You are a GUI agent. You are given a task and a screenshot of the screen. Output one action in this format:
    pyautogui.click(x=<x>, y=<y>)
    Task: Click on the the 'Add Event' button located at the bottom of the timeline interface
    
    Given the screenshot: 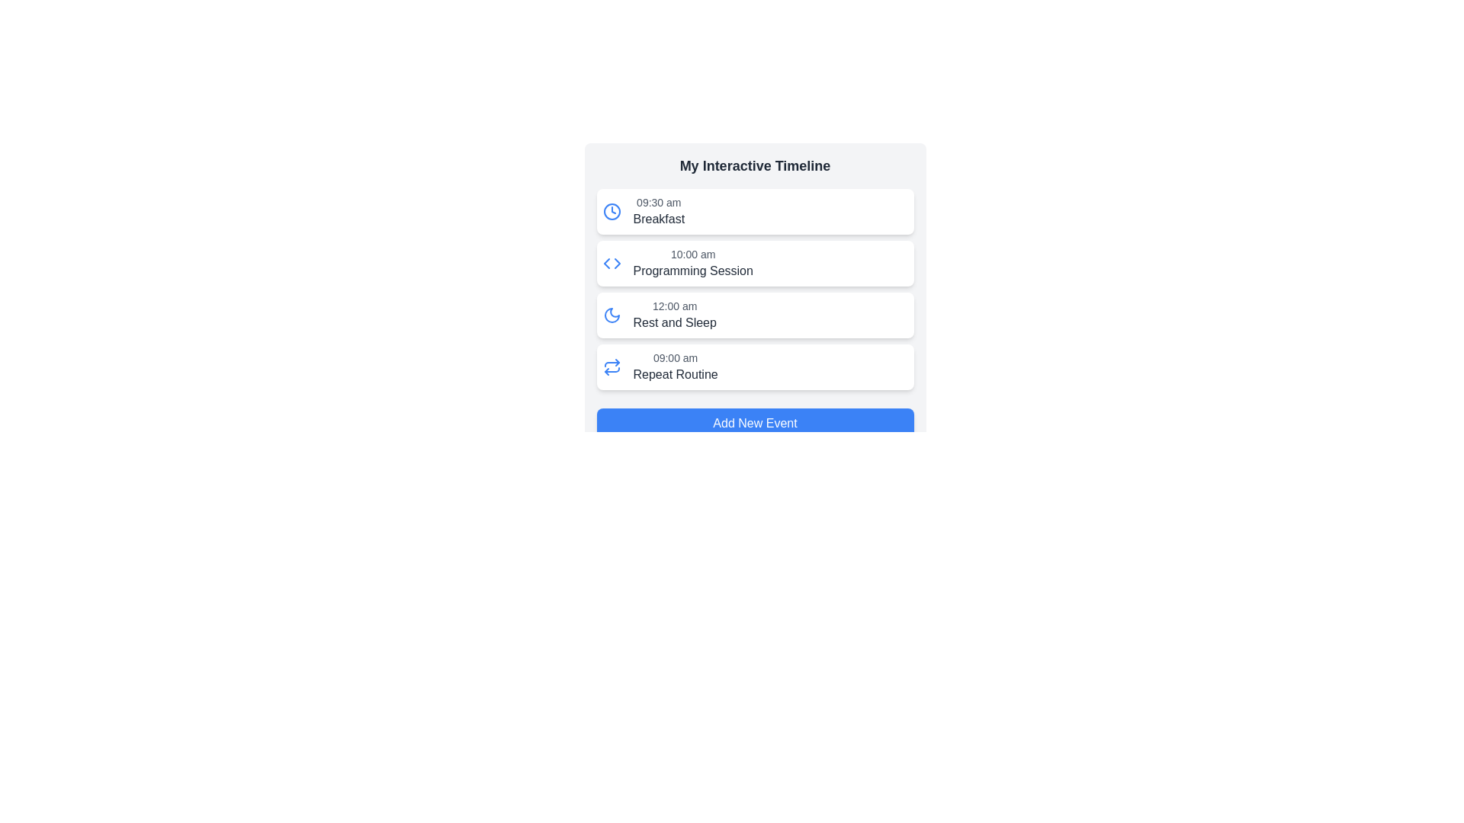 What is the action you would take?
    pyautogui.click(x=755, y=423)
    